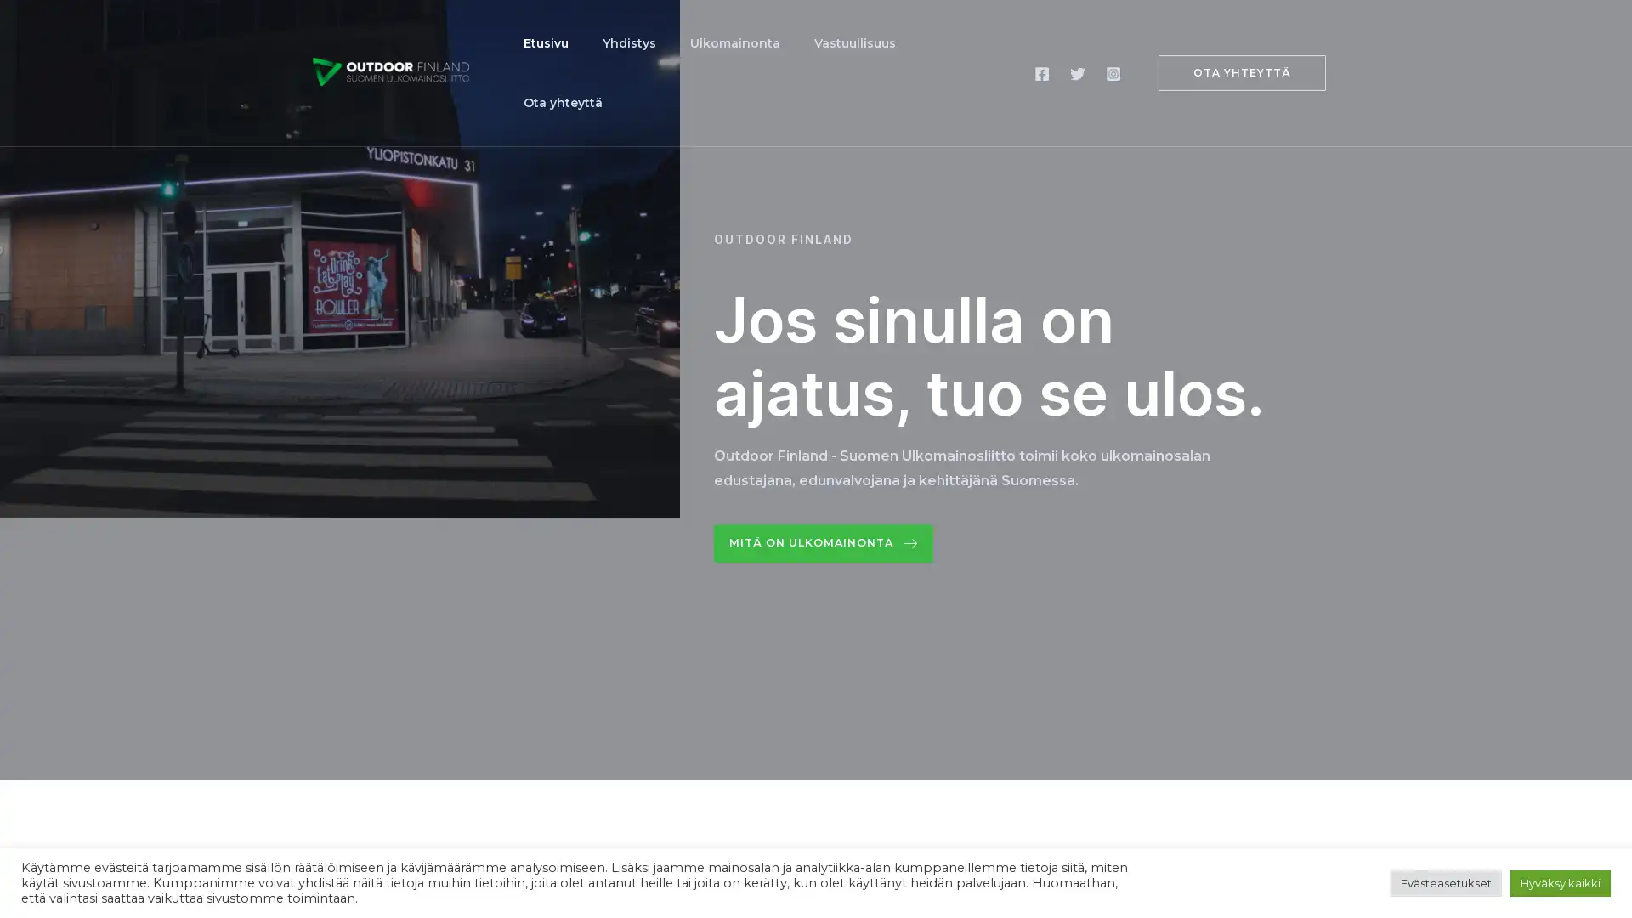  What do you see at coordinates (829, 544) in the screenshot?
I see `Mita on ulkomainonta` at bounding box center [829, 544].